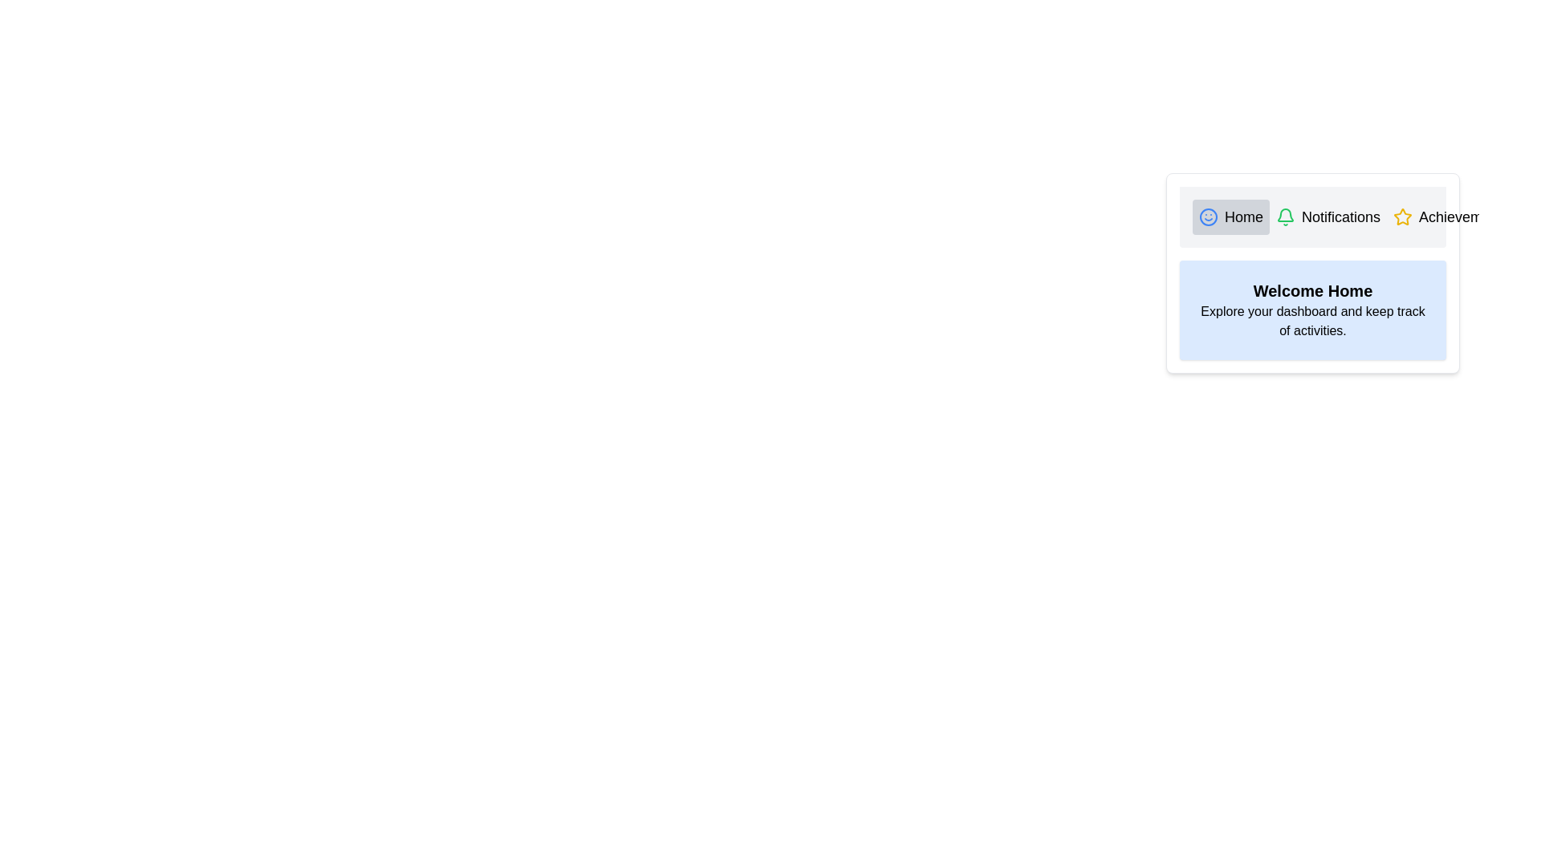 This screenshot has width=1541, height=866. What do you see at coordinates (1451, 216) in the screenshot?
I see `the tab labeled 'Achievements' to observe its hover effect` at bounding box center [1451, 216].